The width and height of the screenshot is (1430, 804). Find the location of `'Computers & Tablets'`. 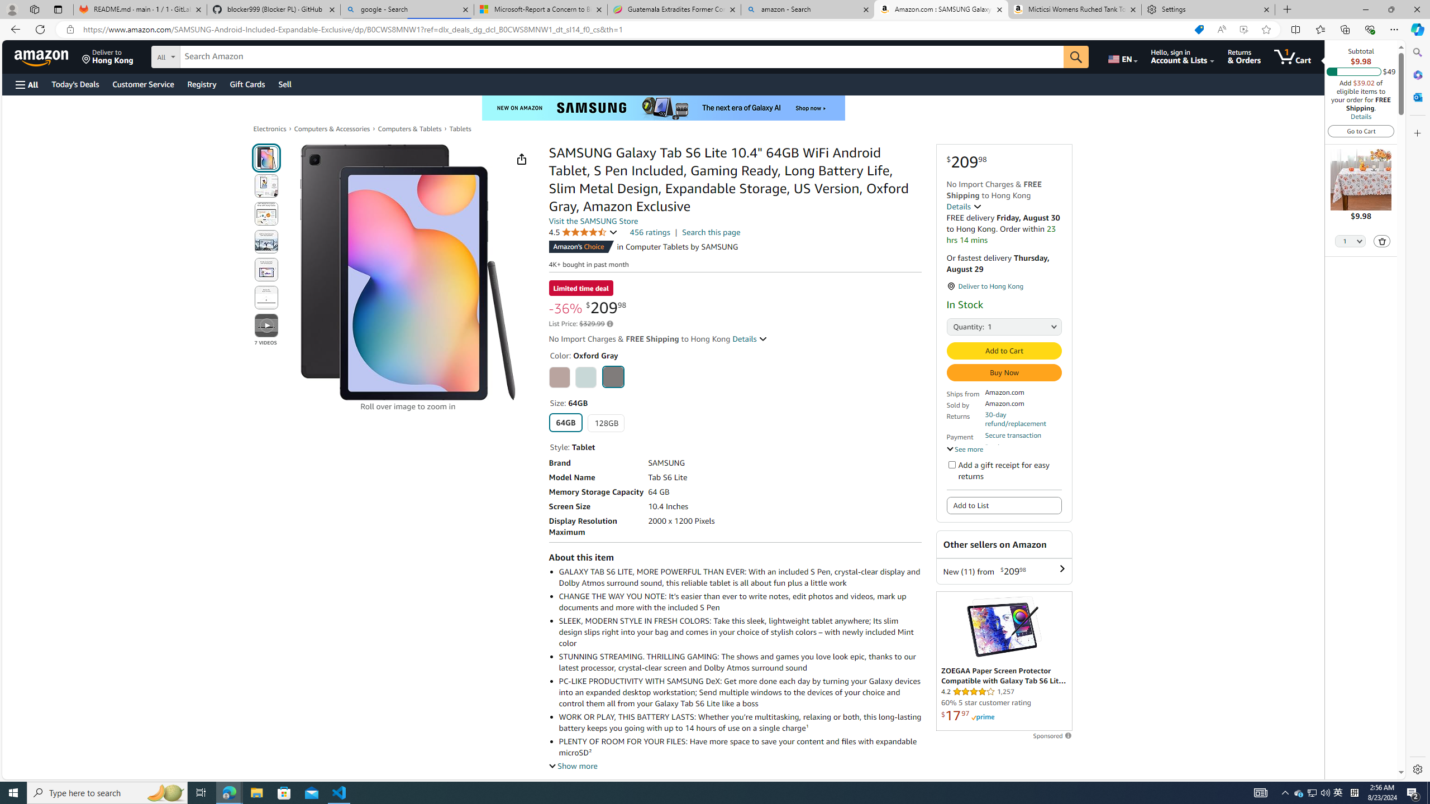

'Computers & Tablets' is located at coordinates (409, 128).